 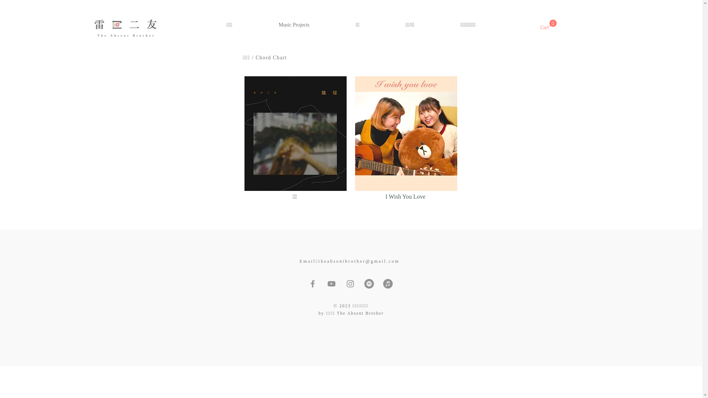 I want to click on 'theabsentbrother@gmail.com', so click(x=359, y=261).